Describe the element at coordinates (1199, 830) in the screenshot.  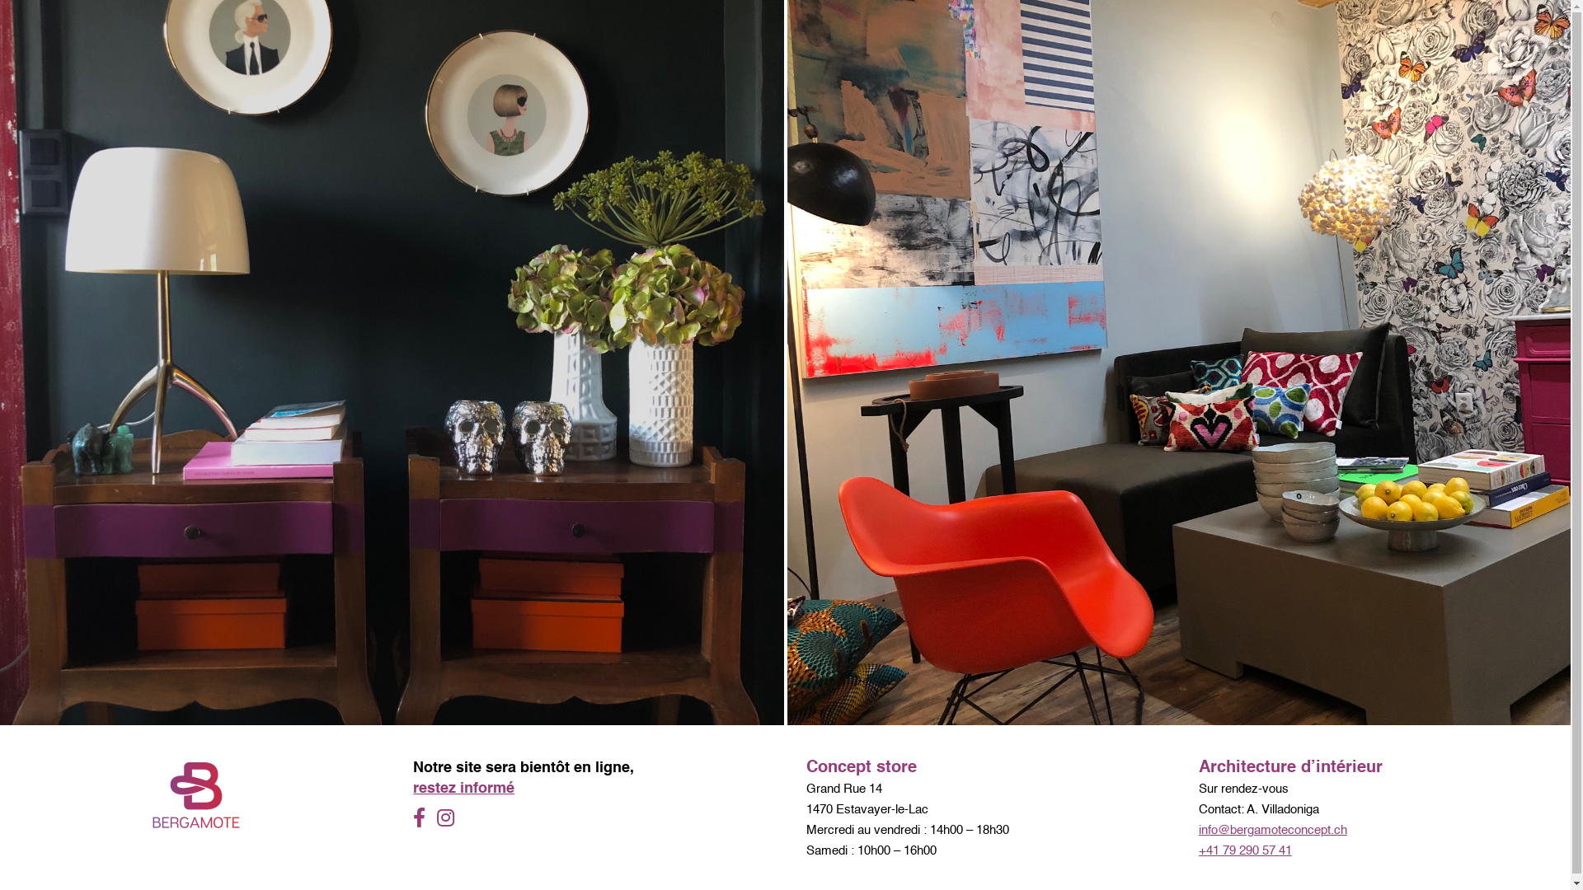
I see `'info@bergamoteconcept.ch'` at that location.